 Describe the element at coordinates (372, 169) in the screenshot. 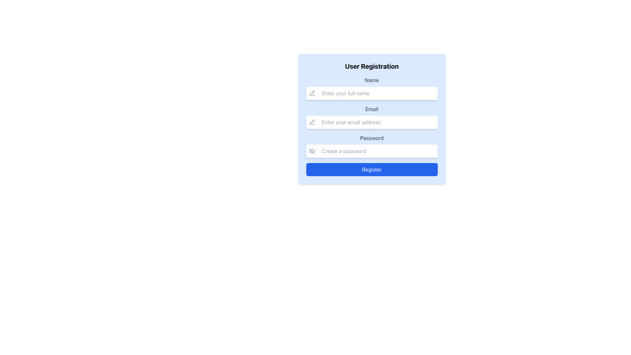

I see `the submit button located at the bottom center of the registration form` at that location.